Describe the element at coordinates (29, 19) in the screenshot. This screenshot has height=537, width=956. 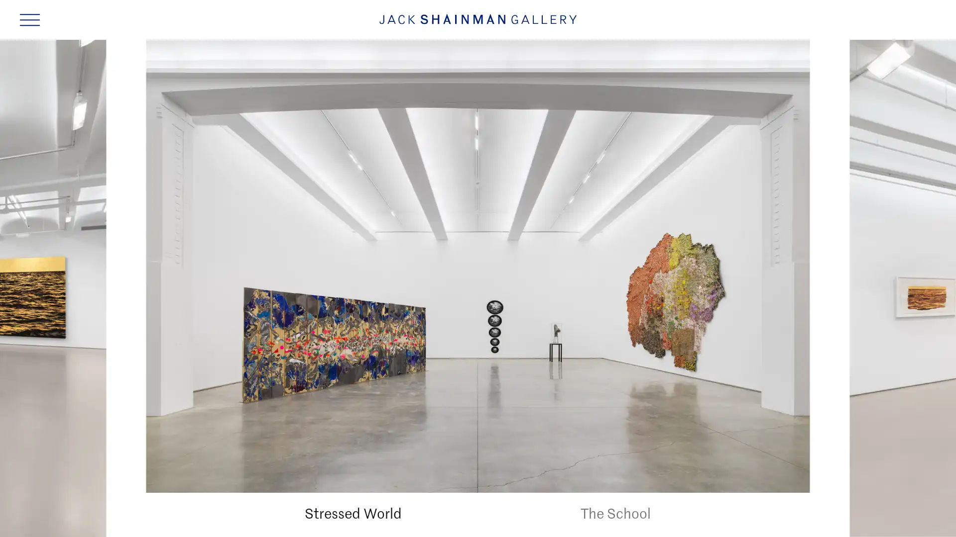
I see `Navigation Toggle` at that location.